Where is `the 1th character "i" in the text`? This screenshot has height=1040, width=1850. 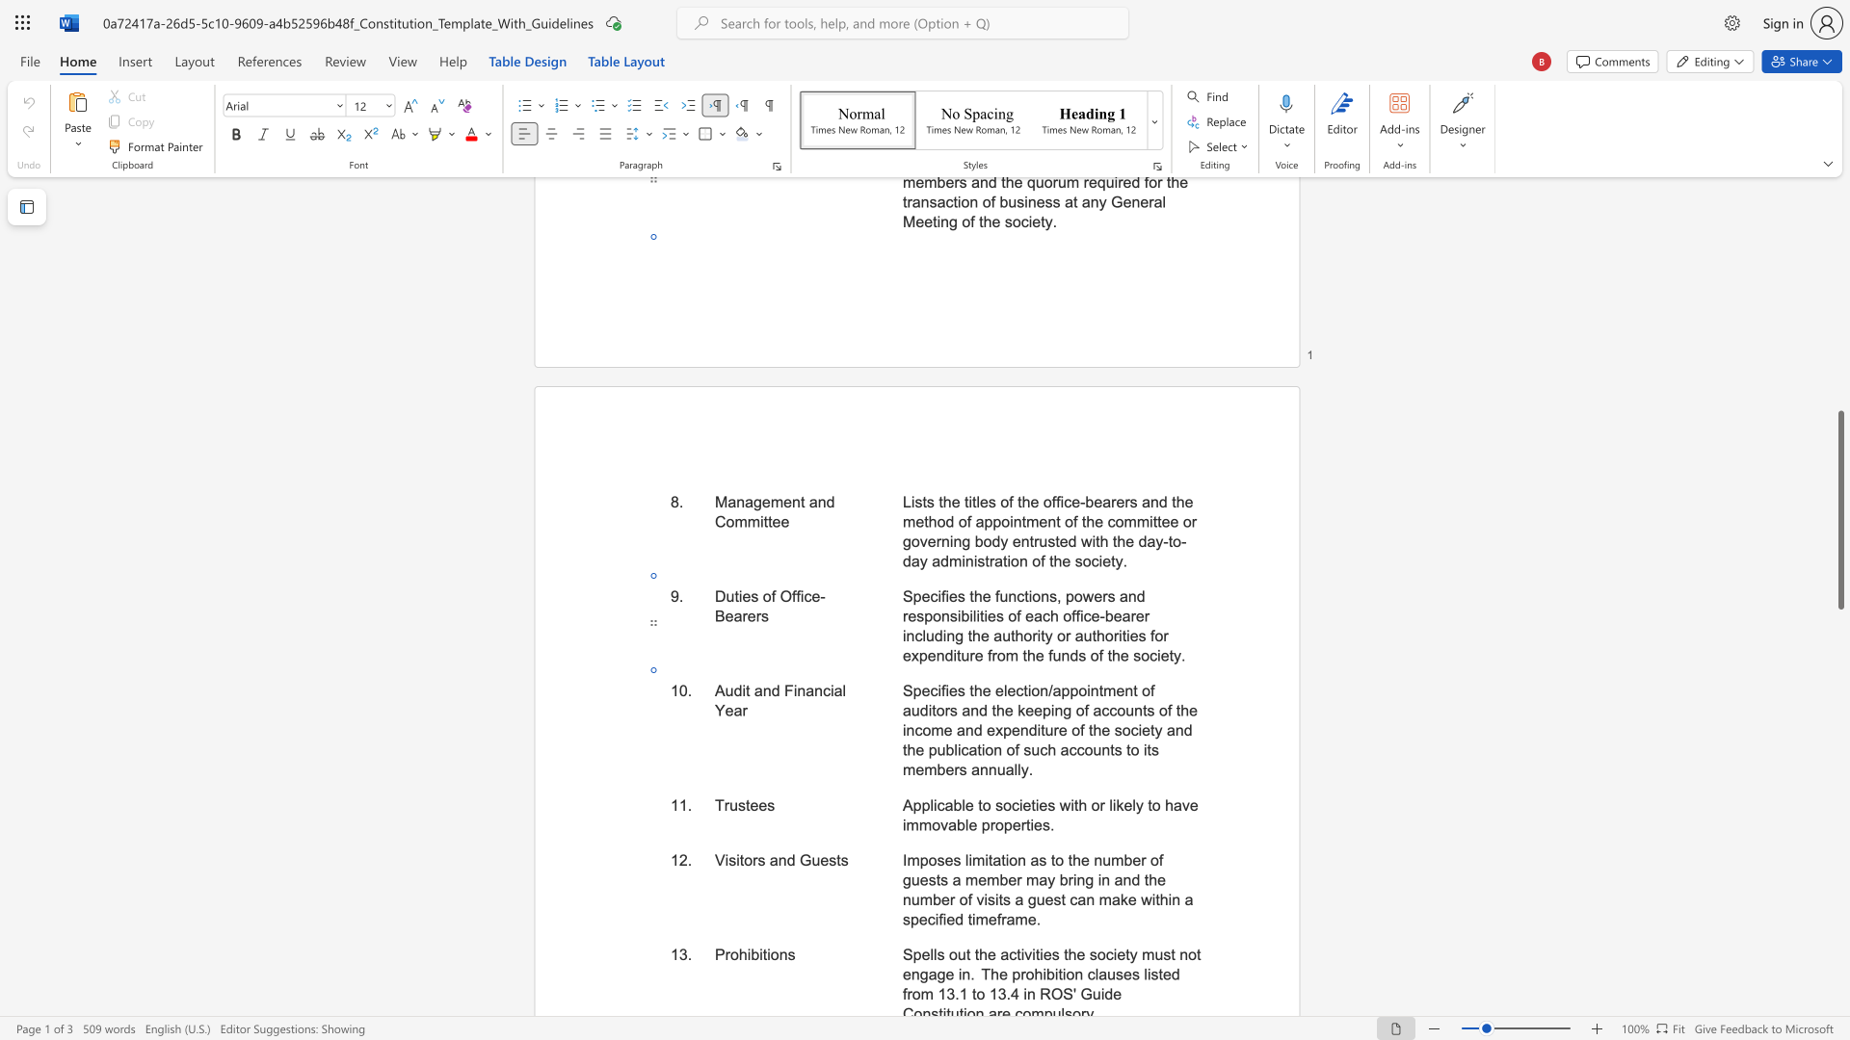
the 1th character "i" in the text is located at coordinates (743, 689).